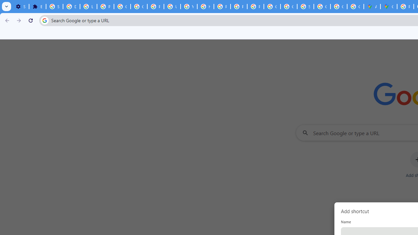 This screenshot has height=235, width=418. Describe the element at coordinates (222, 7) in the screenshot. I see `'Privacy Help Center - Policies Help'` at that location.